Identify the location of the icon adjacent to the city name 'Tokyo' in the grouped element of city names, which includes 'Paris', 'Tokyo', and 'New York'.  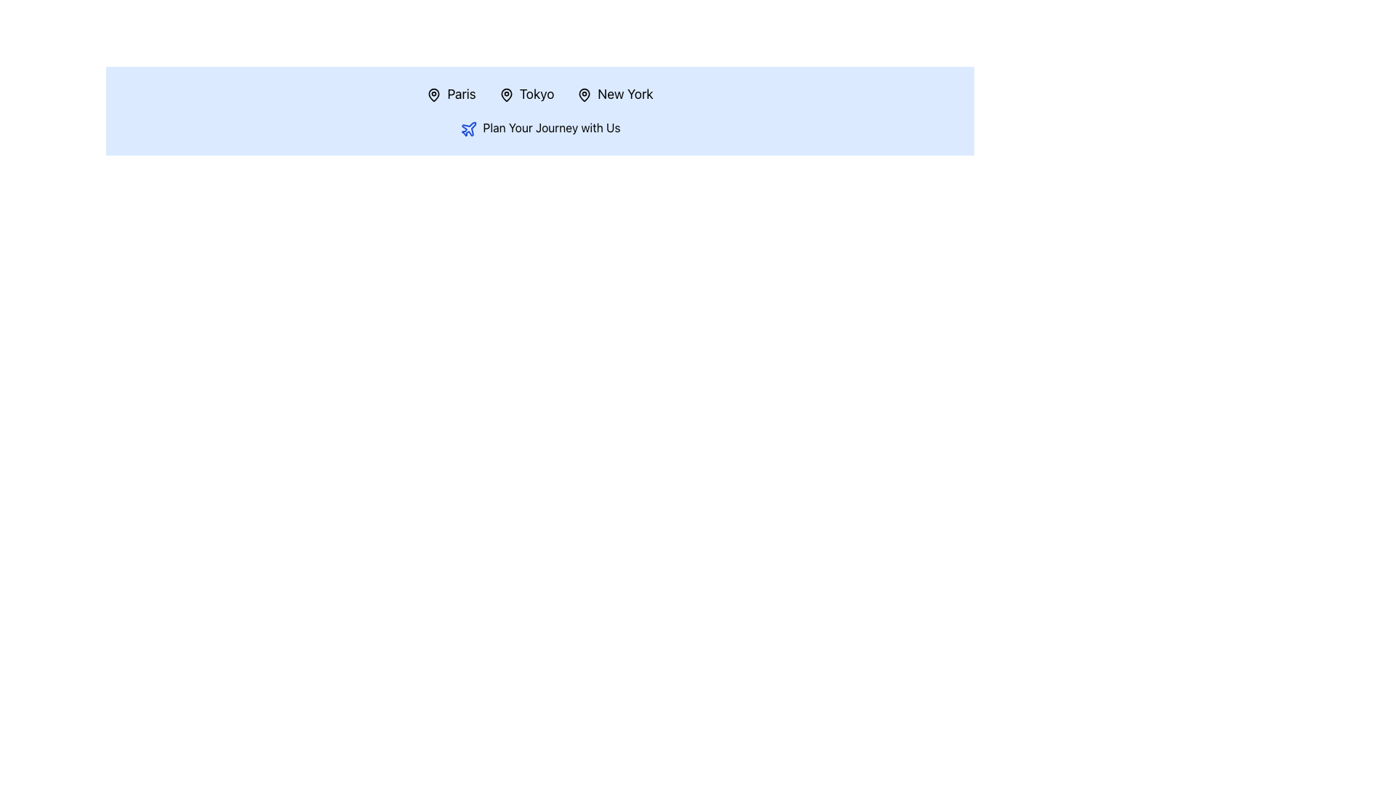
(539, 94).